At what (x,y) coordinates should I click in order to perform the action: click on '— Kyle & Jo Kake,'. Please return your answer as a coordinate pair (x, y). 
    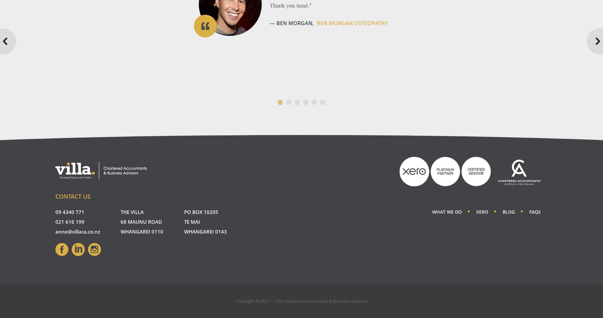
    Looking at the image, I should click on (293, 70).